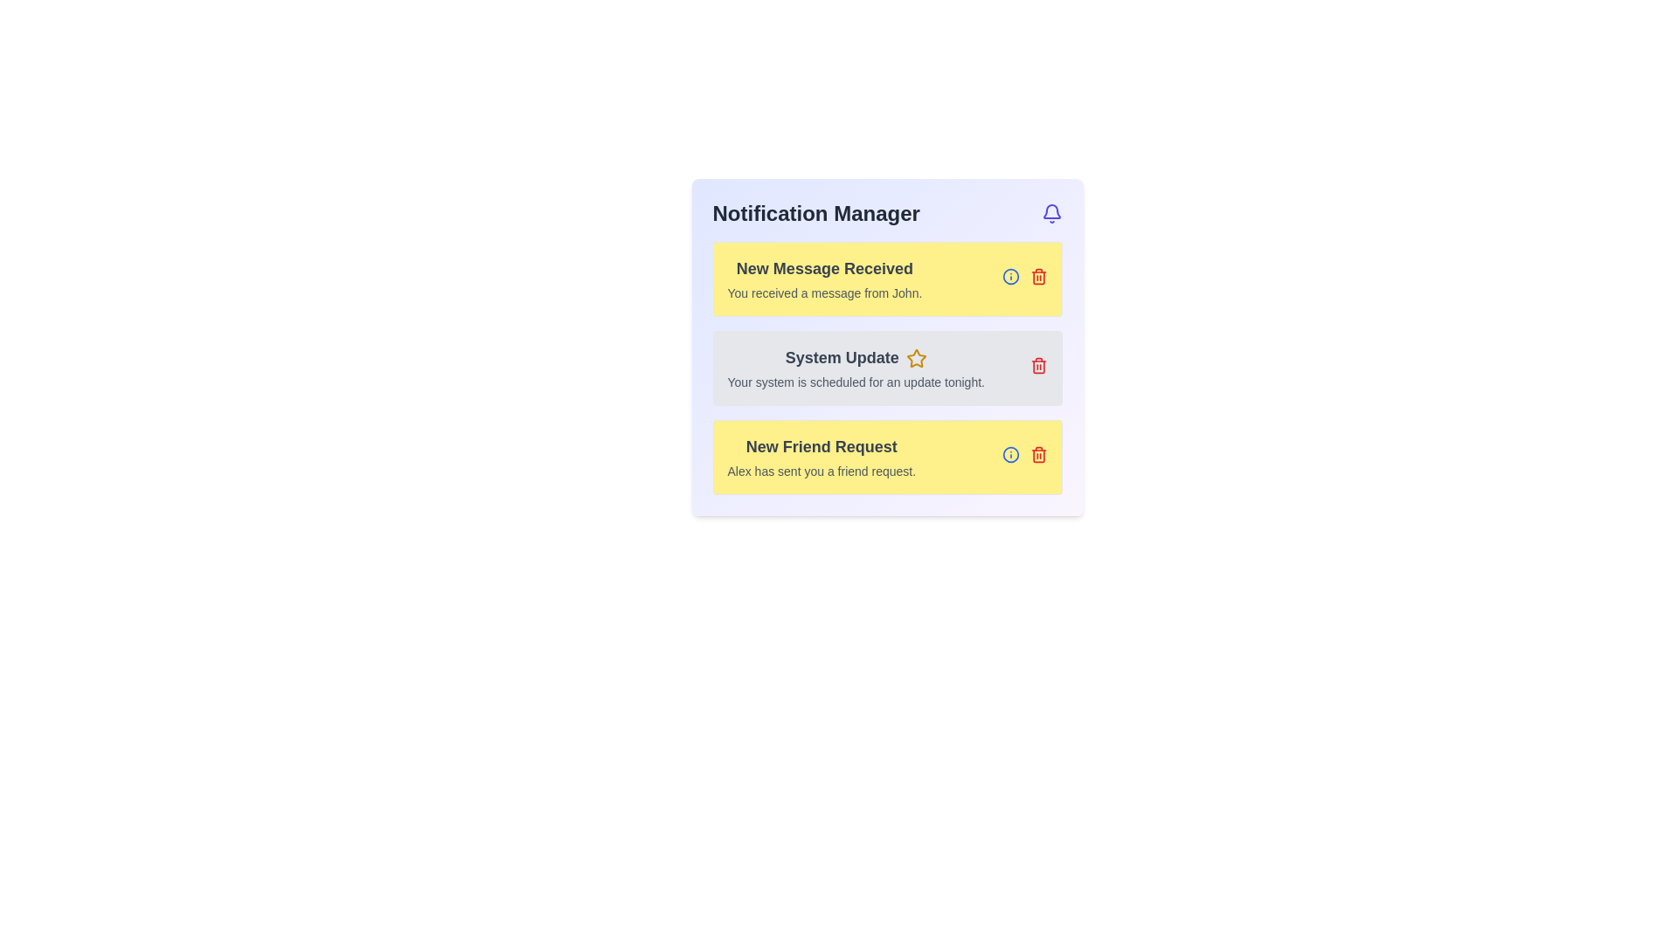 This screenshot has height=943, width=1678. What do you see at coordinates (823, 292) in the screenshot?
I see `text label that says 'You received a message from John.' which is styled with a smaller font size and muted gray color, located directly below the bold text 'New Message Received' in the top-left notification card of the Notification Manager` at bounding box center [823, 292].